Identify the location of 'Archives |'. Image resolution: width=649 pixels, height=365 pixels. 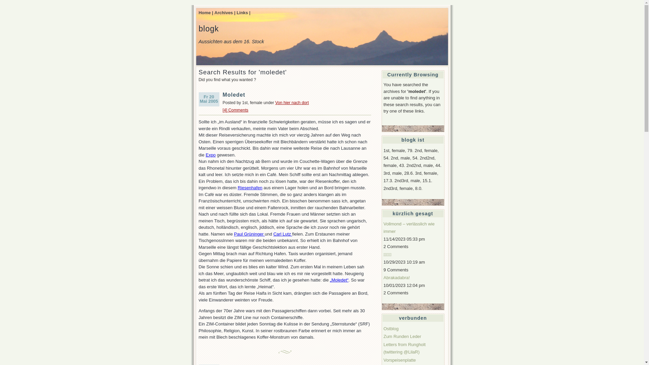
(225, 13).